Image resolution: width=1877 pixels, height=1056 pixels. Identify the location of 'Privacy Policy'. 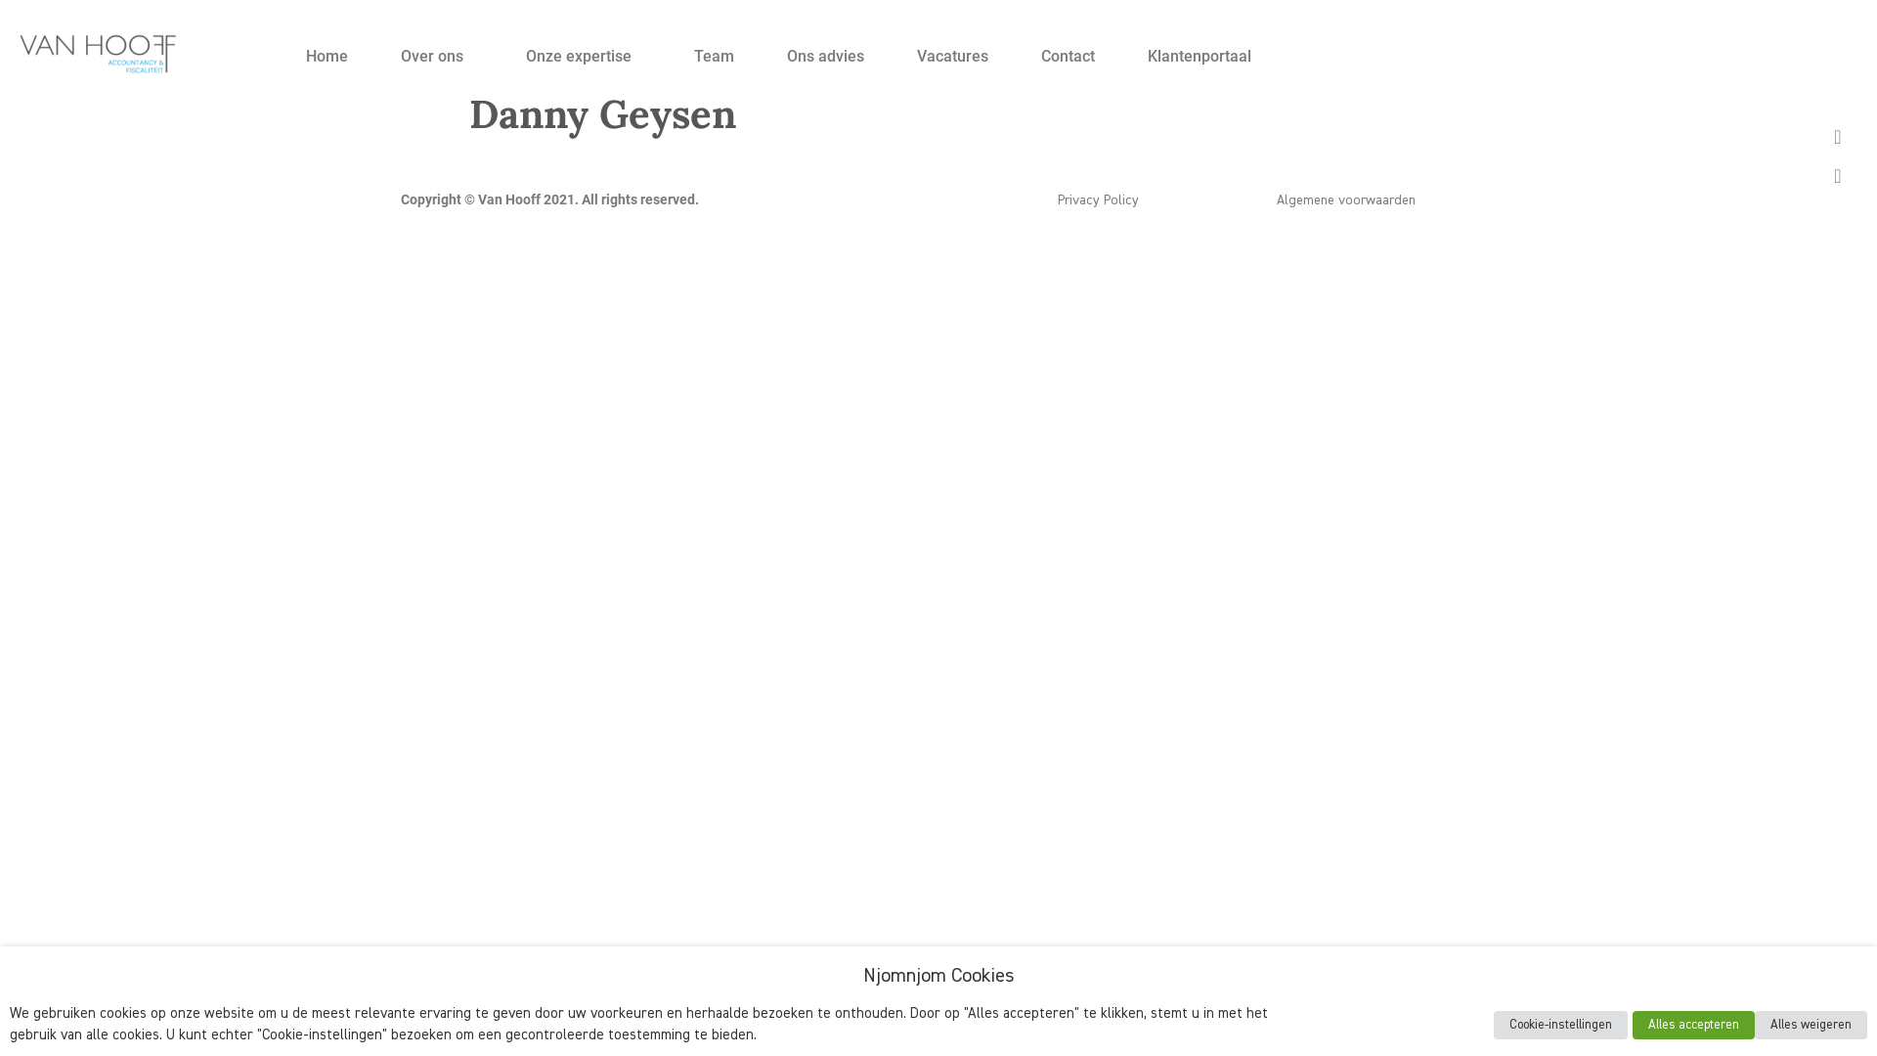
(1056, 199).